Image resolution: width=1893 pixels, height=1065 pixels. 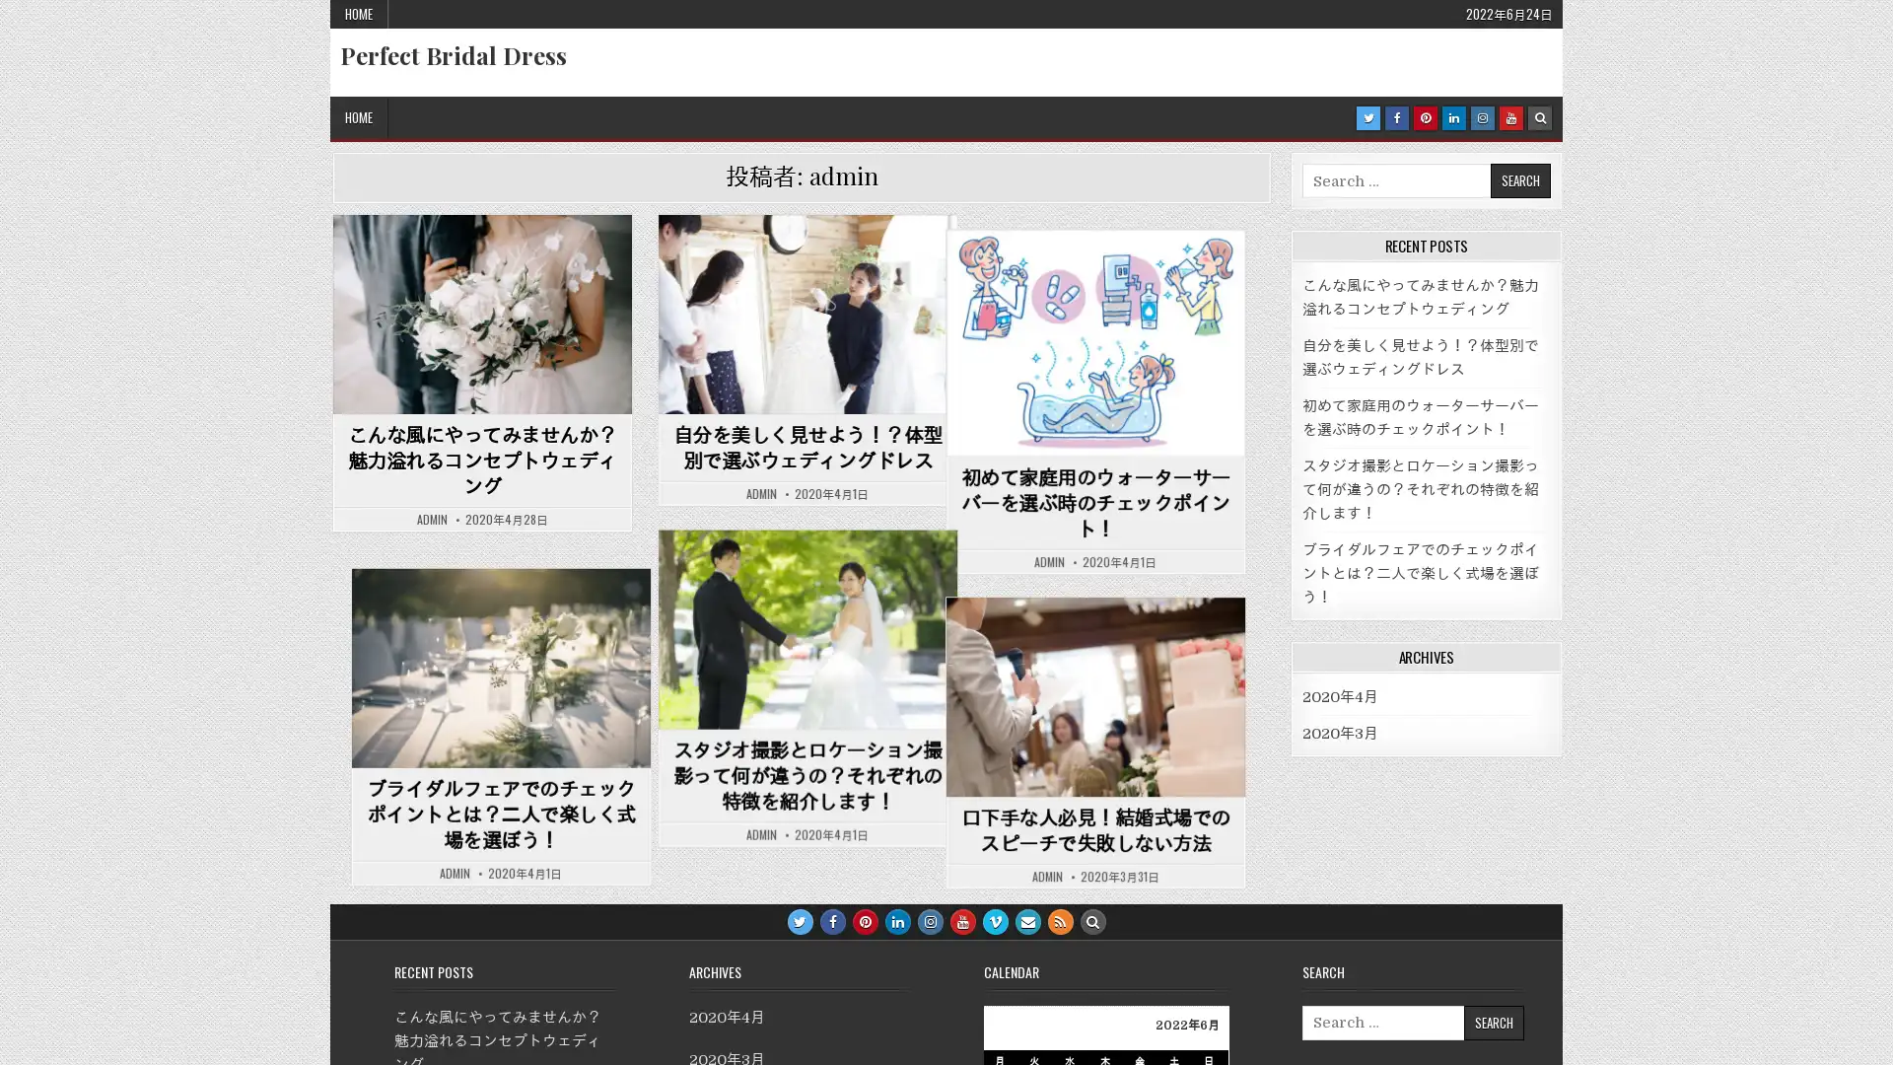 What do you see at coordinates (1518, 180) in the screenshot?
I see `Search` at bounding box center [1518, 180].